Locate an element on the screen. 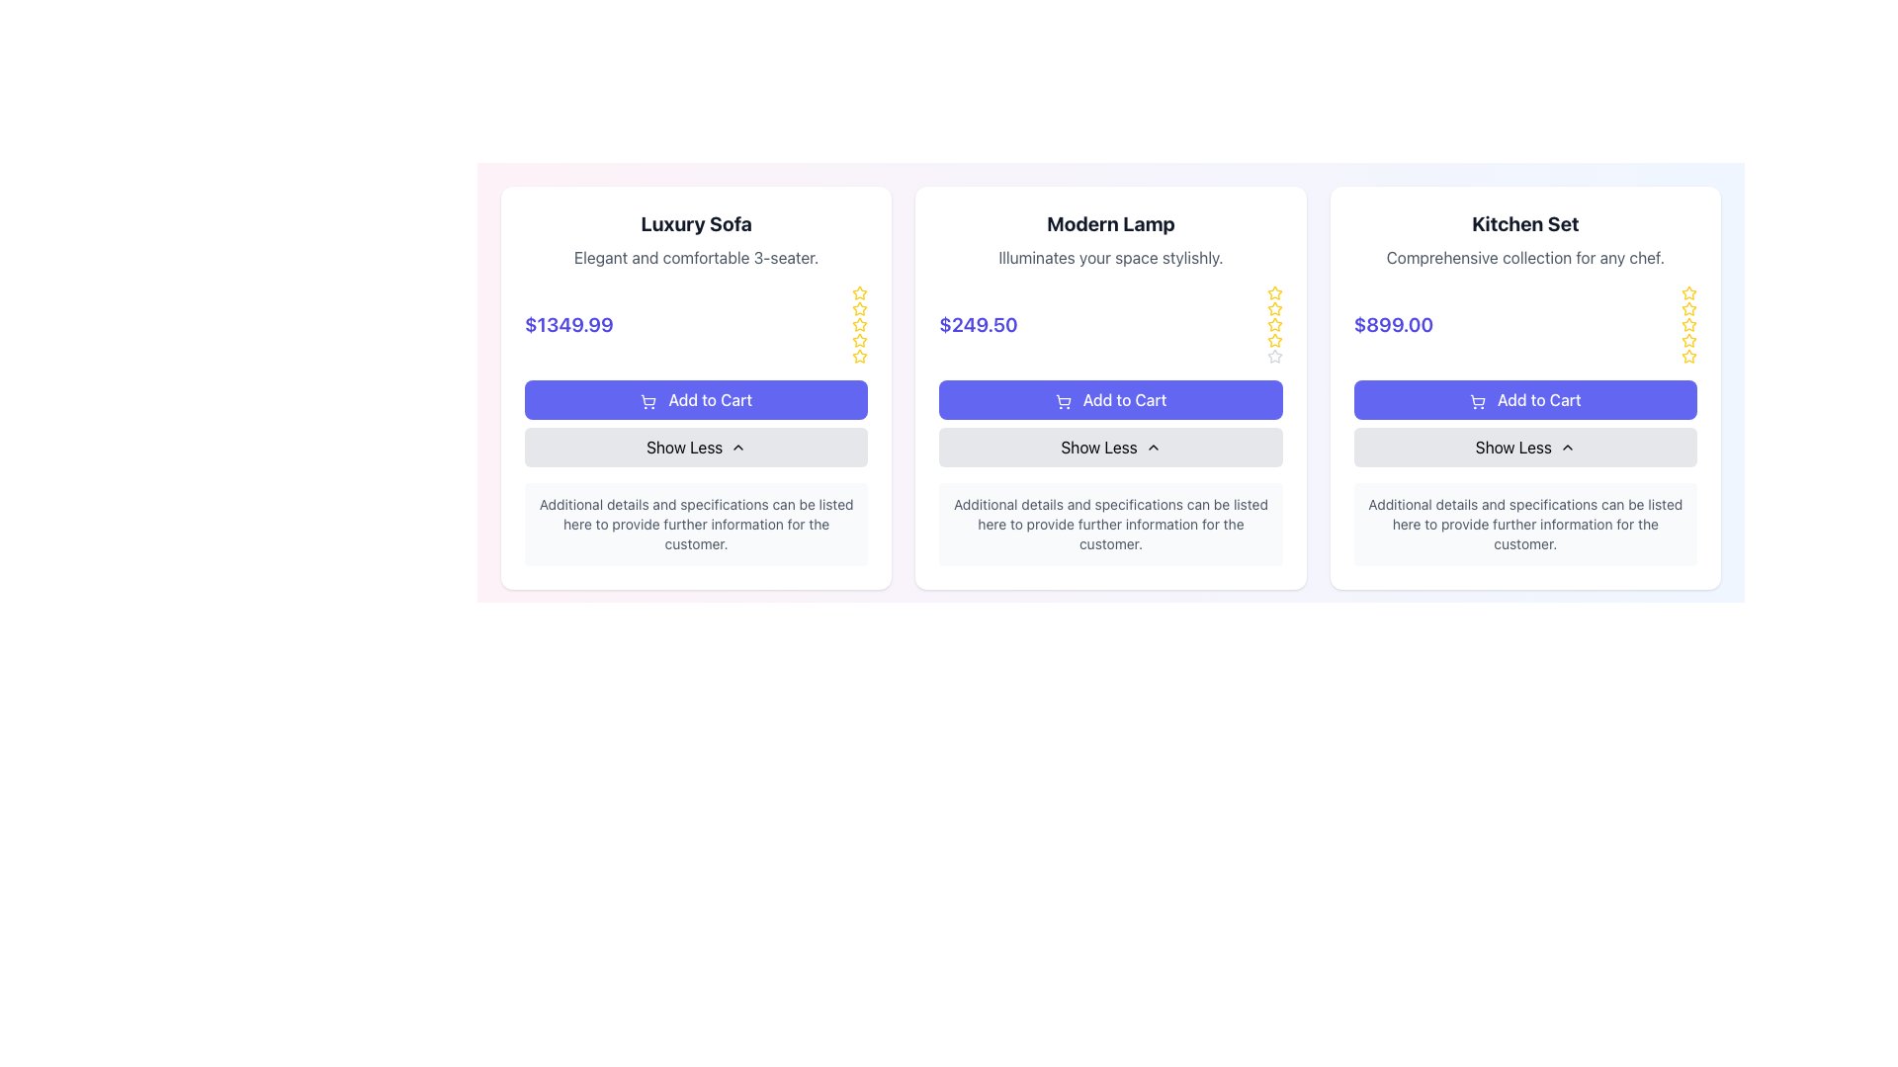 The height and width of the screenshot is (1067, 1898). the button labeled 'Add to Cart' located in the center card for 'Modern Lamp', situated below the price '$249.50' is located at coordinates (1110, 400).